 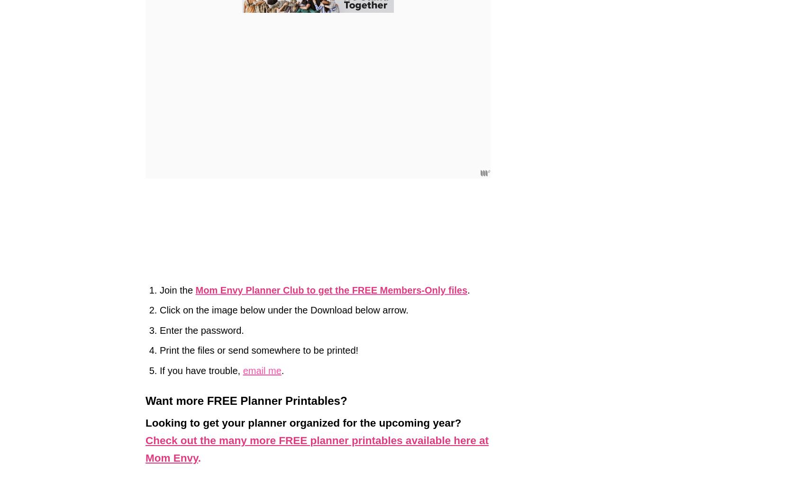 What do you see at coordinates (145, 422) in the screenshot?
I see `'Looking to get your planner organized for the upcoming year?'` at bounding box center [145, 422].